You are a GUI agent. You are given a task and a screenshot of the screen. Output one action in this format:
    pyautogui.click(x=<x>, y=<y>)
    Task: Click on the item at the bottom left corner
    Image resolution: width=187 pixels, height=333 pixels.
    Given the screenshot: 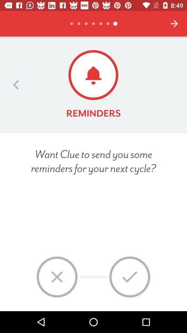 What is the action you would take?
    pyautogui.click(x=56, y=277)
    